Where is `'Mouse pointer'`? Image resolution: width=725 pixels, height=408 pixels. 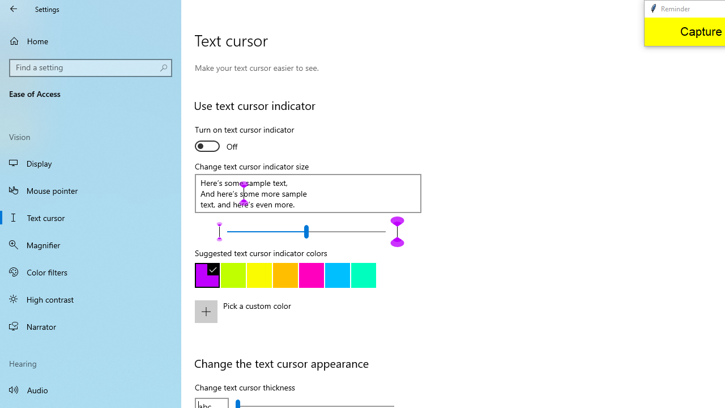
'Mouse pointer' is located at coordinates (91, 189).